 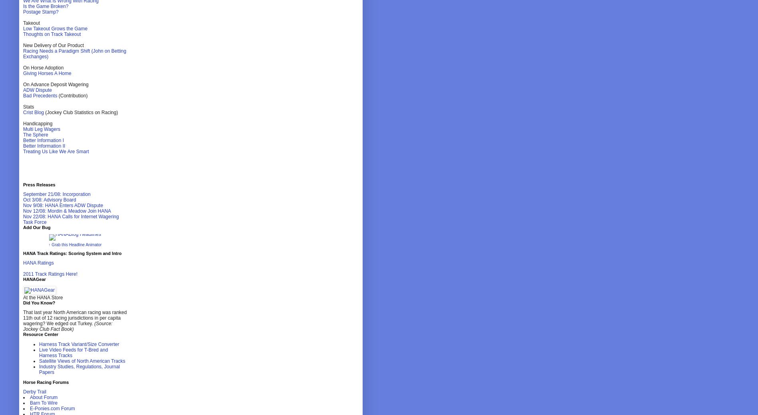 What do you see at coordinates (52, 408) in the screenshot?
I see `'E-Ponies.com Forum'` at bounding box center [52, 408].